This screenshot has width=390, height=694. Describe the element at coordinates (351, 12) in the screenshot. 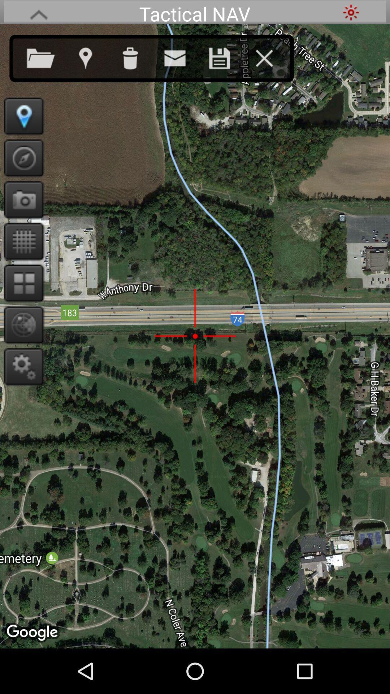

I see `app next to tactical nav app` at that location.